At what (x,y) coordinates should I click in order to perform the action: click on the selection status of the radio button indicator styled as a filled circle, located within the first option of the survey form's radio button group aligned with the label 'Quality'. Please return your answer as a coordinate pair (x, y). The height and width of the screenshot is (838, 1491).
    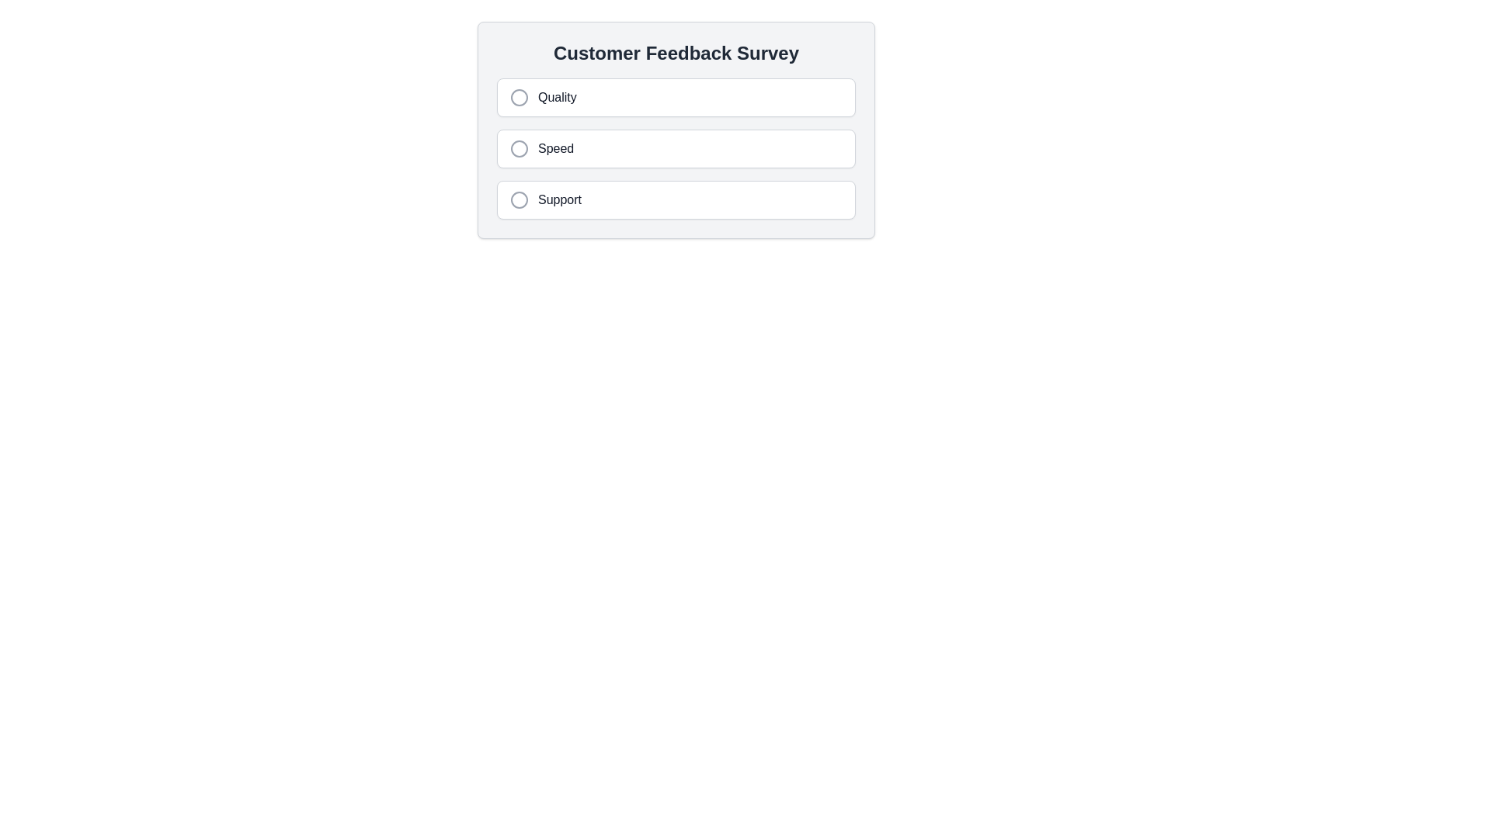
    Looking at the image, I should click on (519, 98).